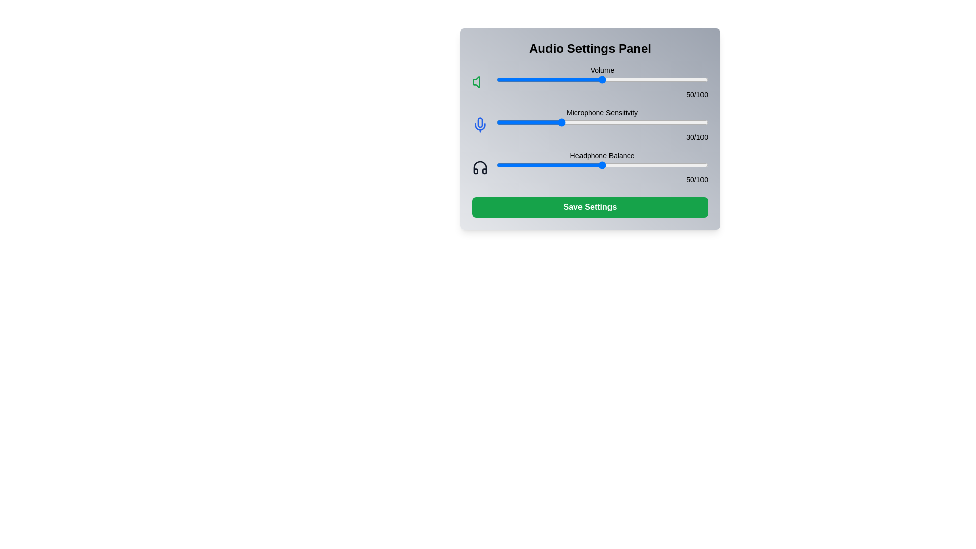 The height and width of the screenshot is (549, 976). Describe the element at coordinates (557, 164) in the screenshot. I see `headphone balance` at that location.